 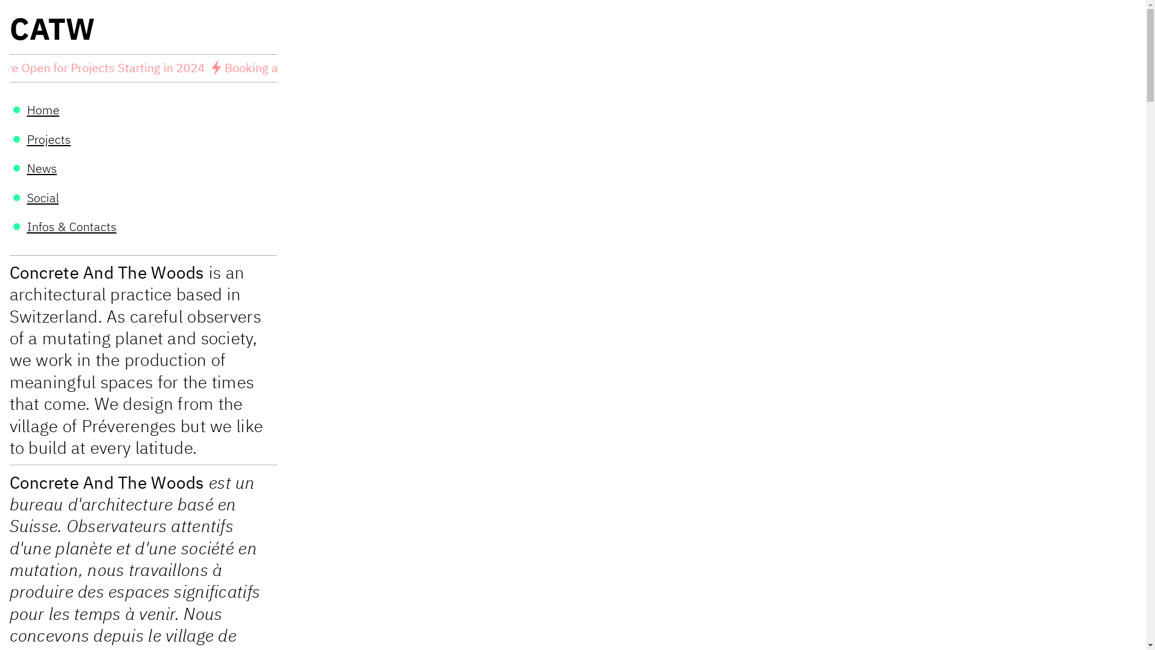 I want to click on 'News', so click(x=42, y=168).